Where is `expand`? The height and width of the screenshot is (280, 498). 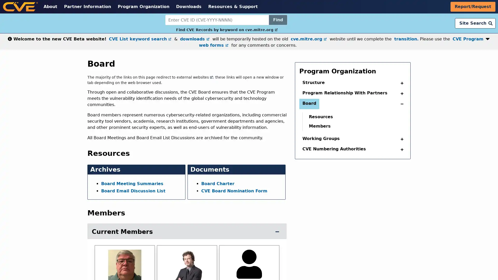 expand is located at coordinates (400, 104).